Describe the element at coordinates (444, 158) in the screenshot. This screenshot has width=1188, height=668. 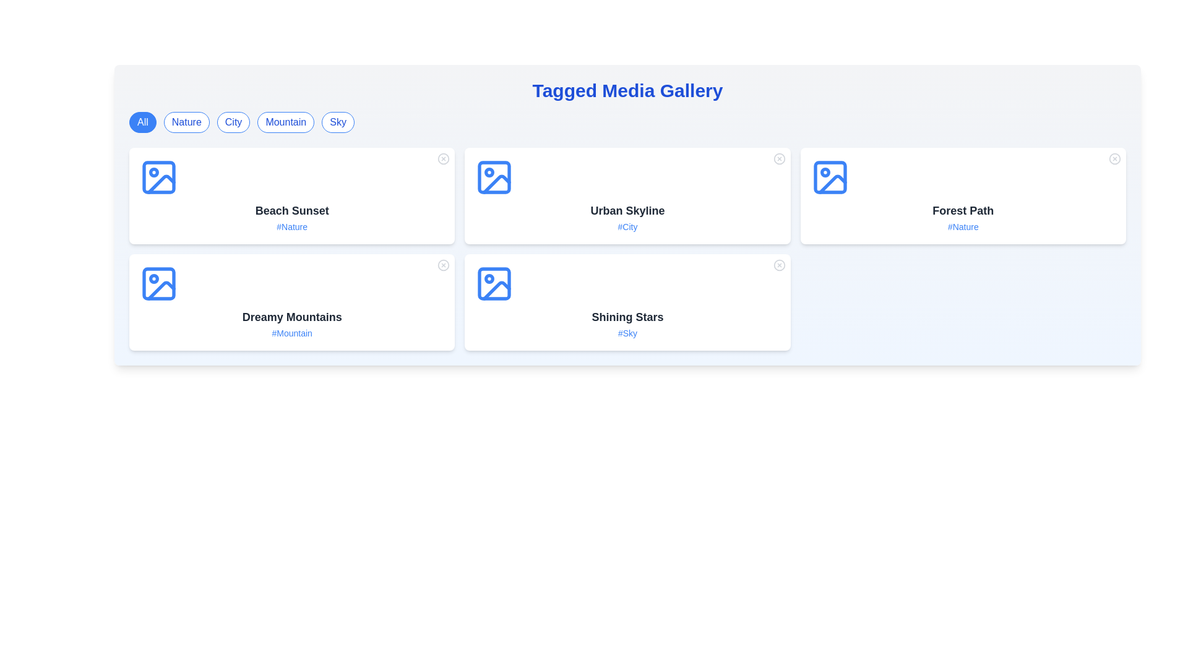
I see `the close button of a media item identified by Beach Sunset` at that location.